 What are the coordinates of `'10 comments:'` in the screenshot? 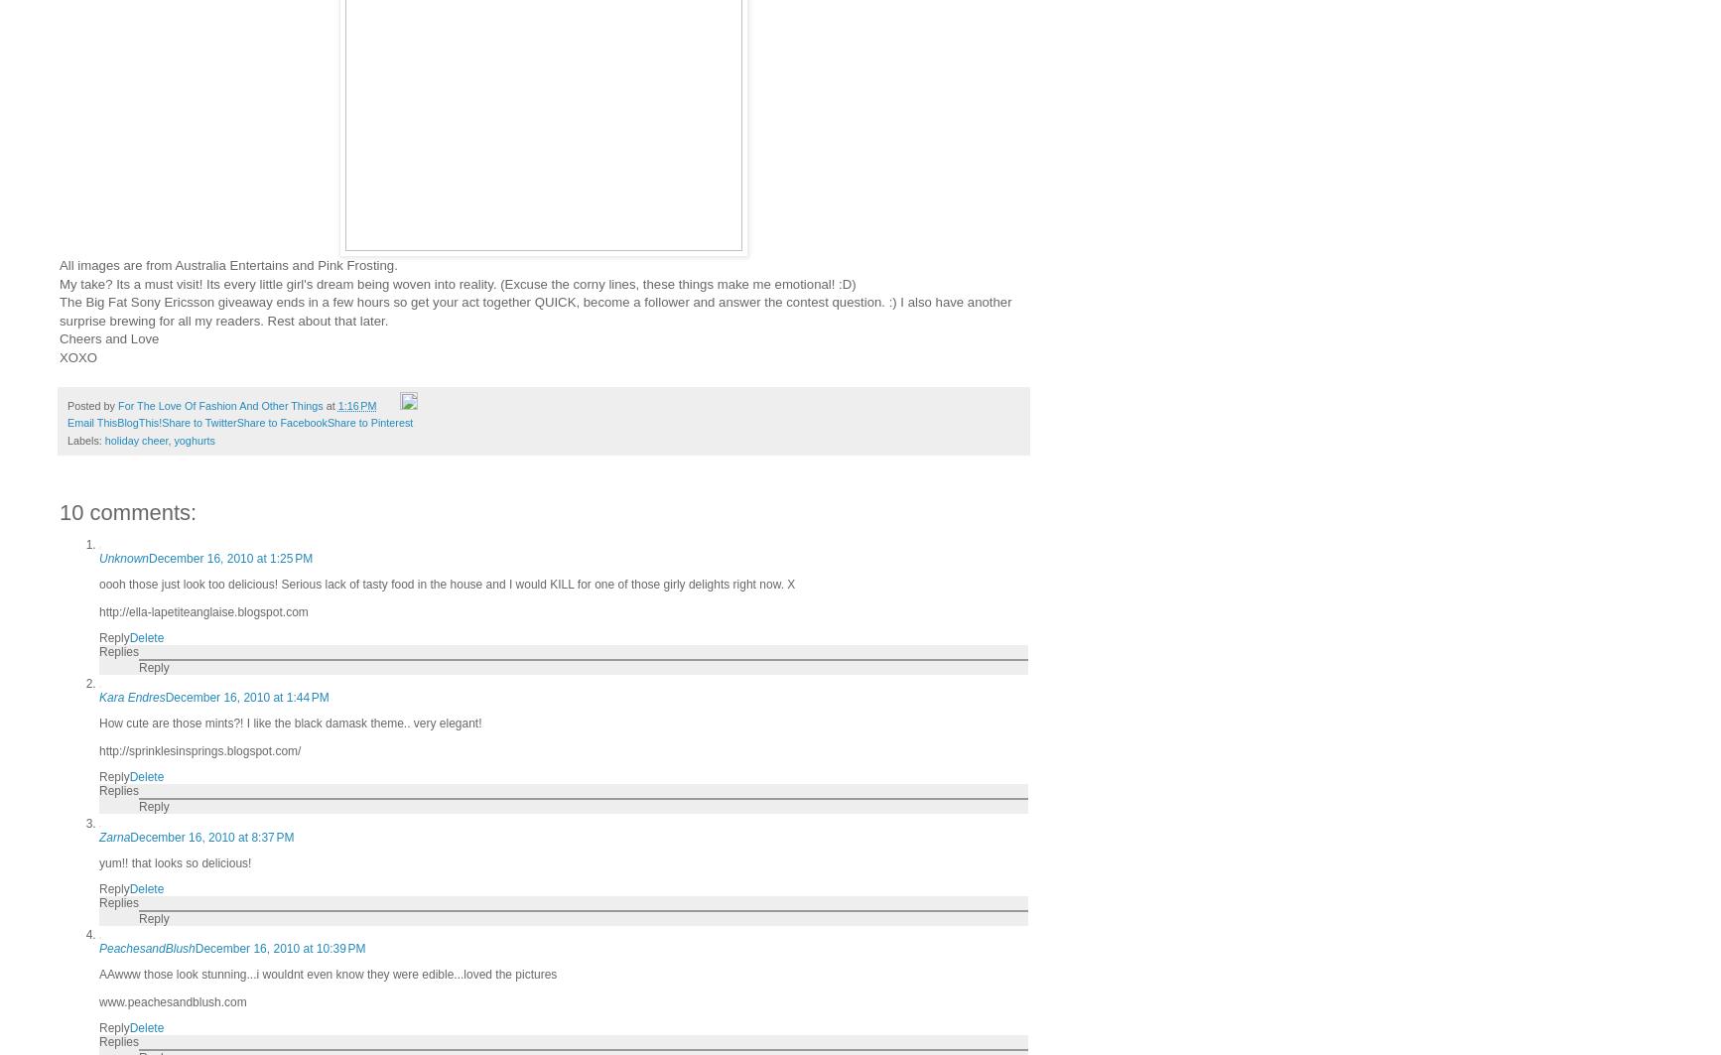 It's located at (128, 511).